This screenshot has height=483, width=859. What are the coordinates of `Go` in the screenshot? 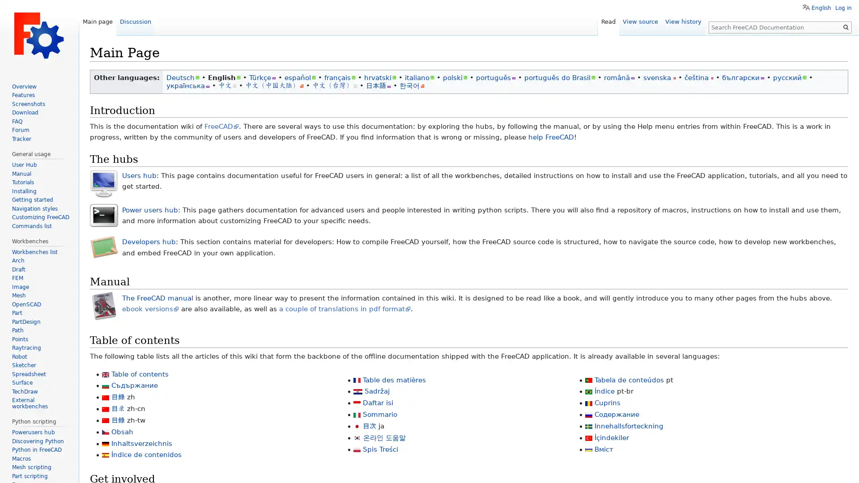 It's located at (846, 27).